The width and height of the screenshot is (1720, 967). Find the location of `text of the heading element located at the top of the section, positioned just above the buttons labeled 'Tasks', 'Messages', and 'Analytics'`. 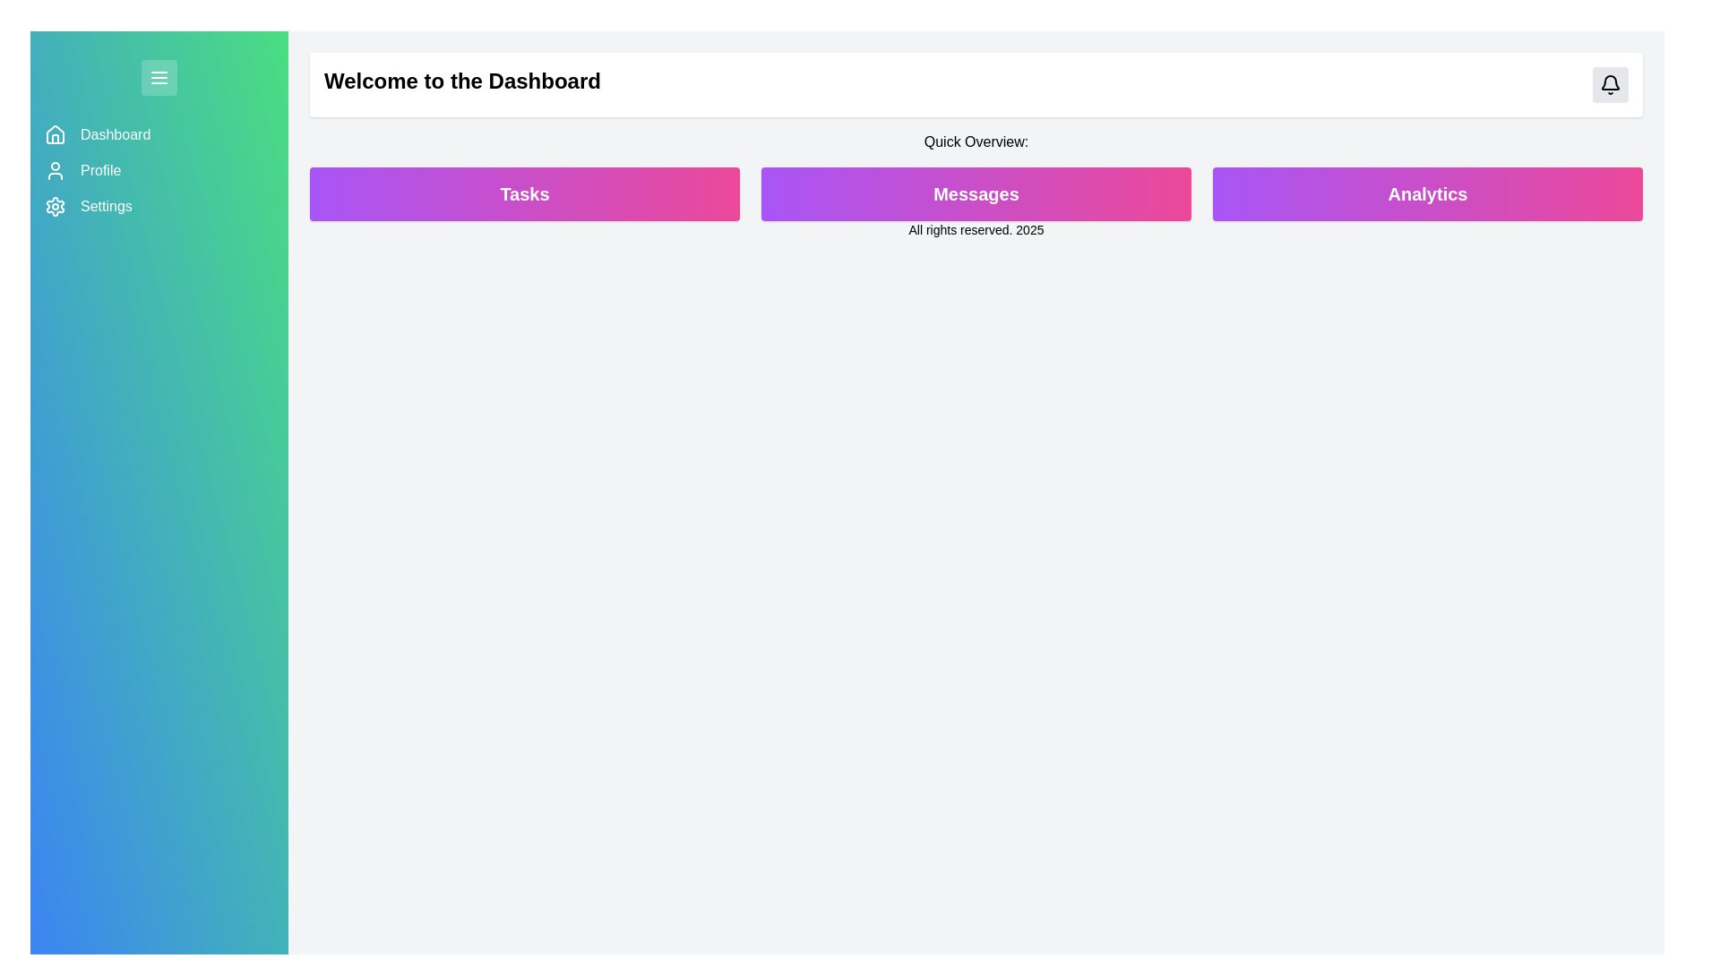

text of the heading element located at the top of the section, positioned just above the buttons labeled 'Tasks', 'Messages', and 'Analytics' is located at coordinates (975, 141).